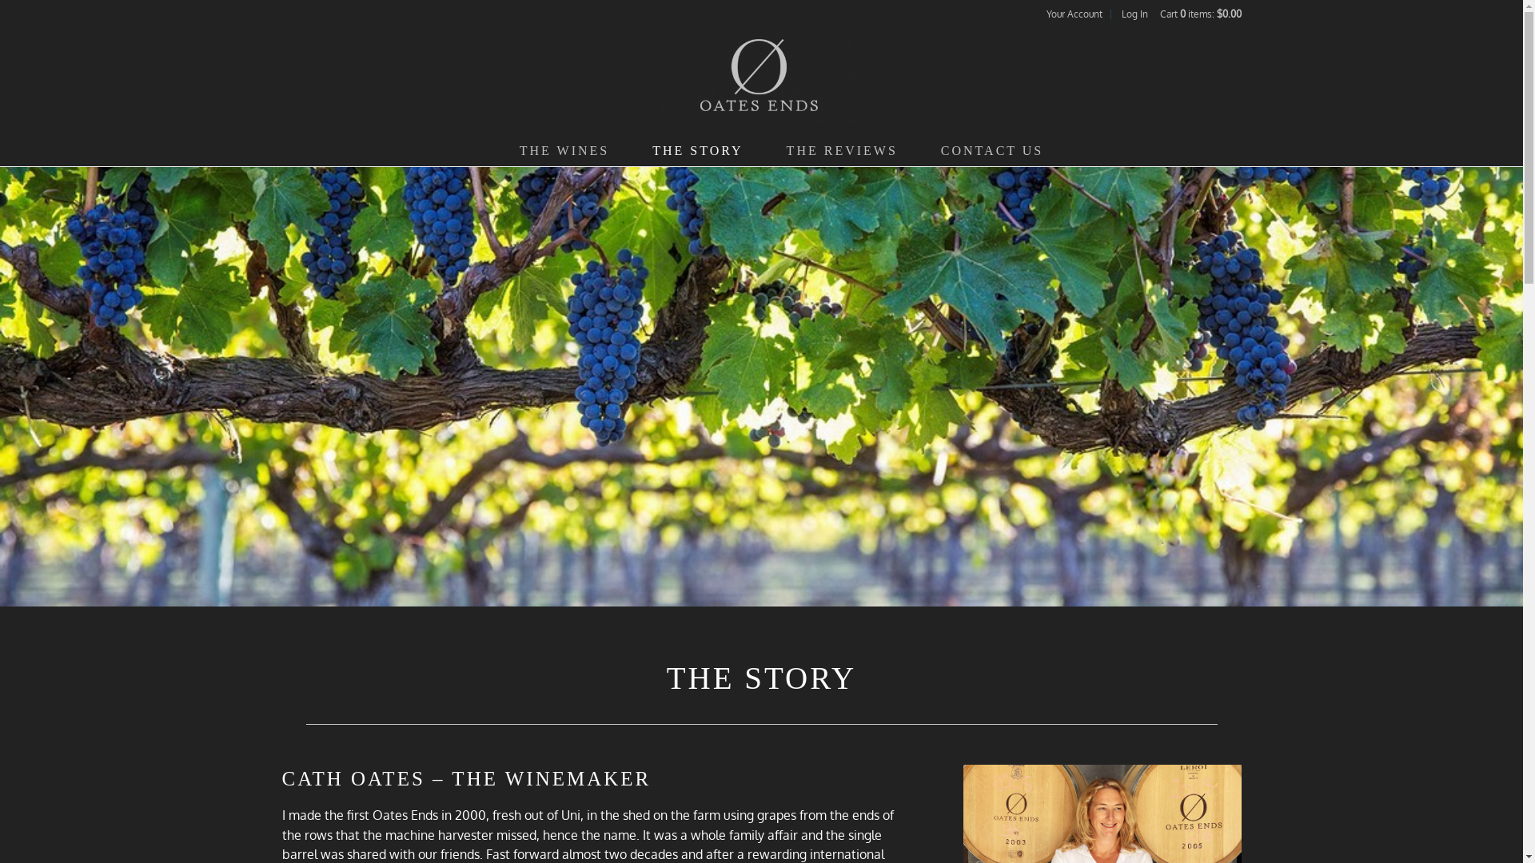  What do you see at coordinates (991, 150) in the screenshot?
I see `'CONTACT US'` at bounding box center [991, 150].